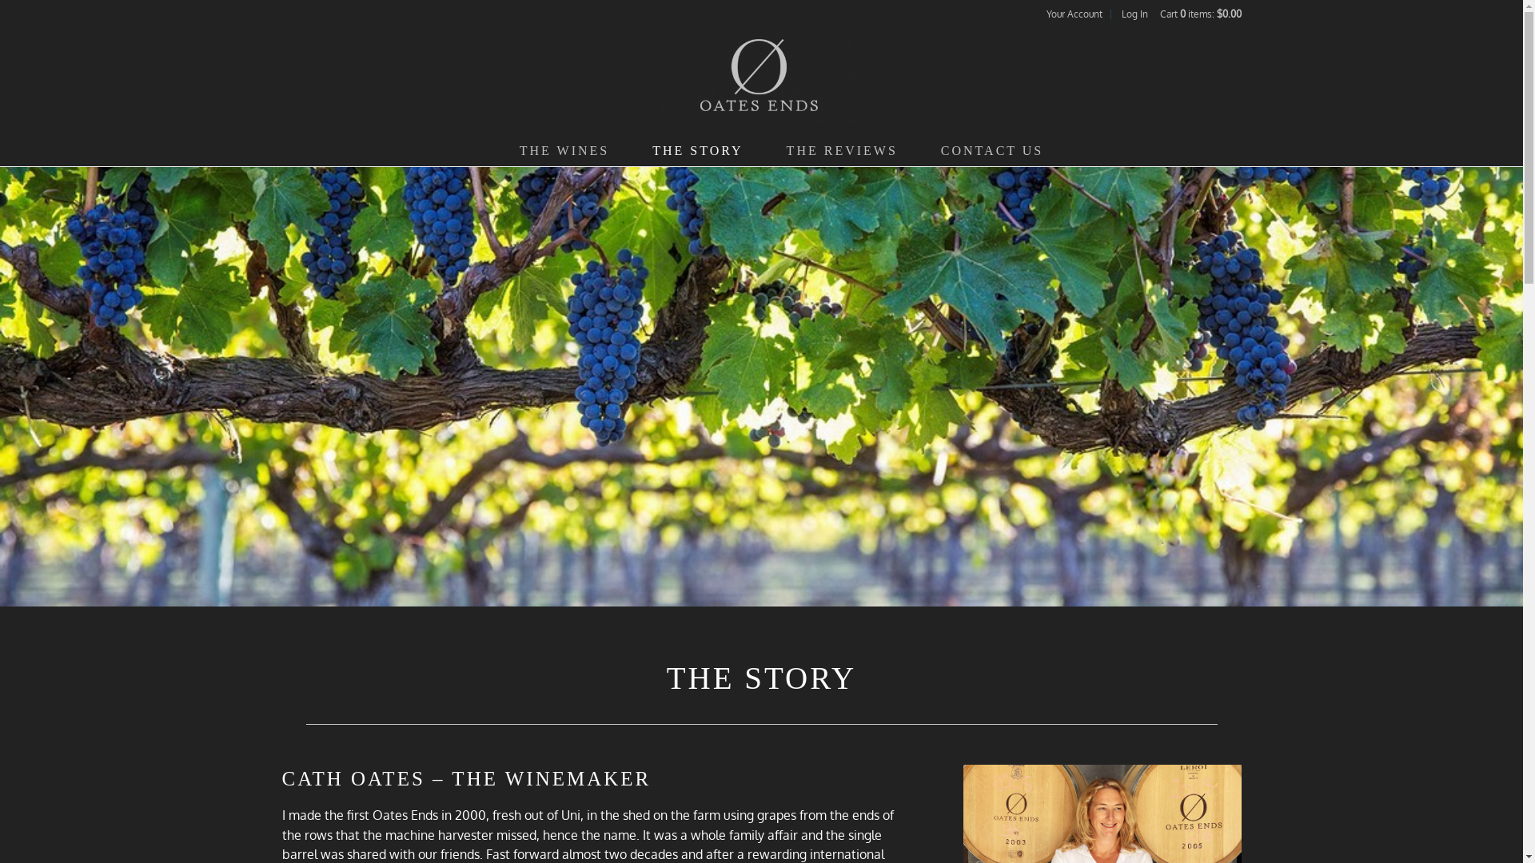  What do you see at coordinates (991, 150) in the screenshot?
I see `'CONTACT US'` at bounding box center [991, 150].